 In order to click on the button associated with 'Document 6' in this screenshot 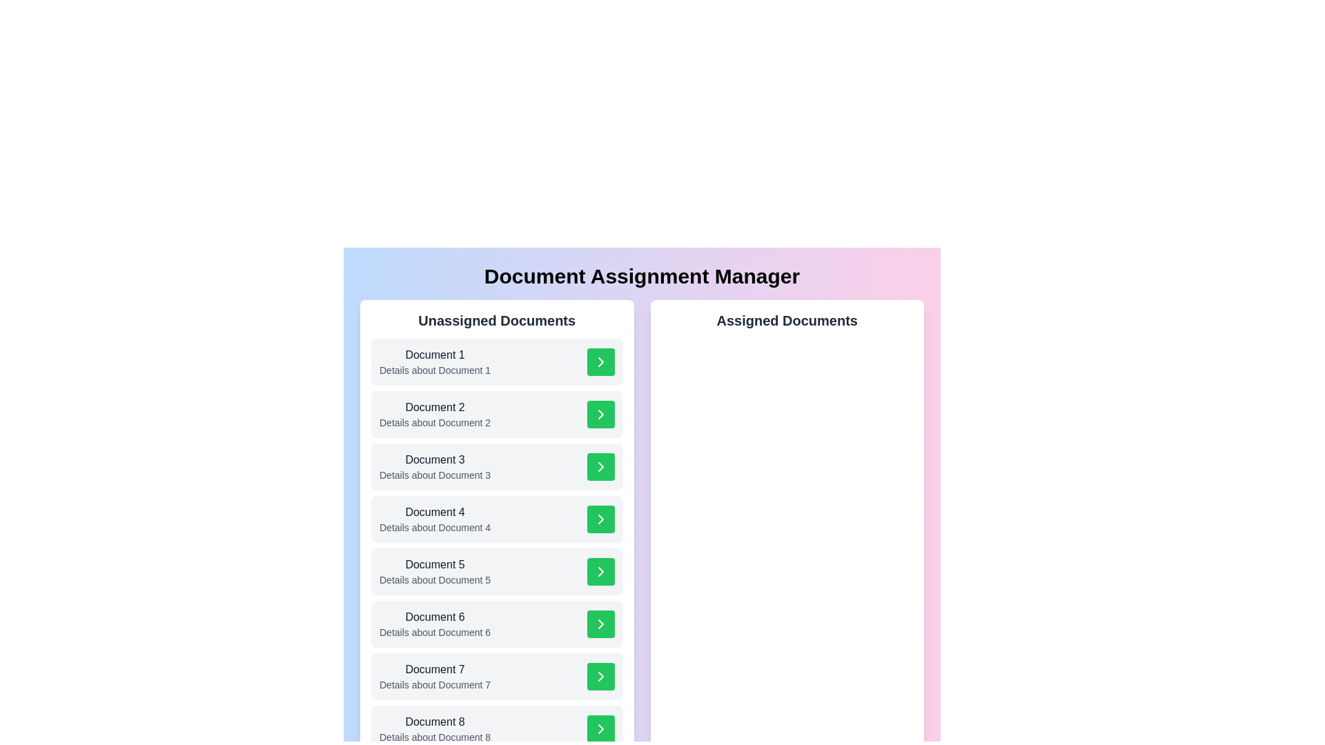, I will do `click(600, 624)`.